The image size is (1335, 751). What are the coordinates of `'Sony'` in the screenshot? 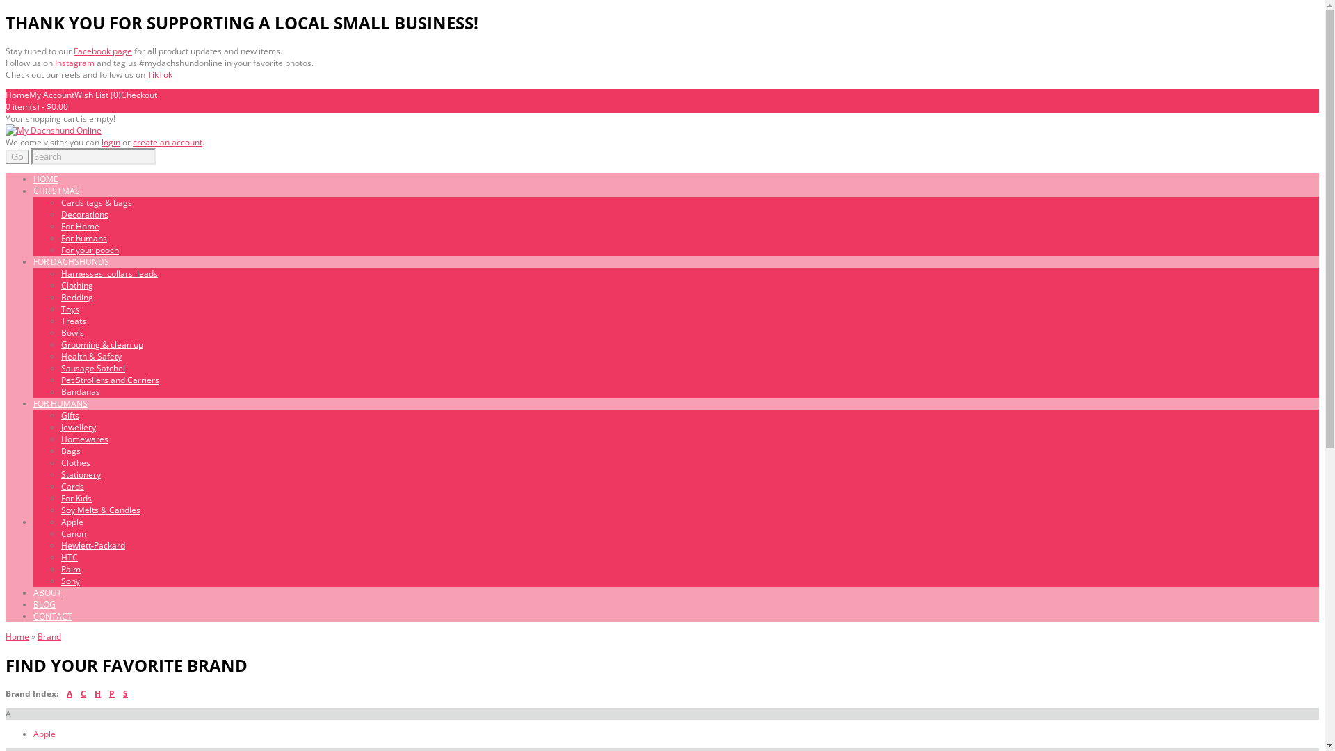 It's located at (70, 581).